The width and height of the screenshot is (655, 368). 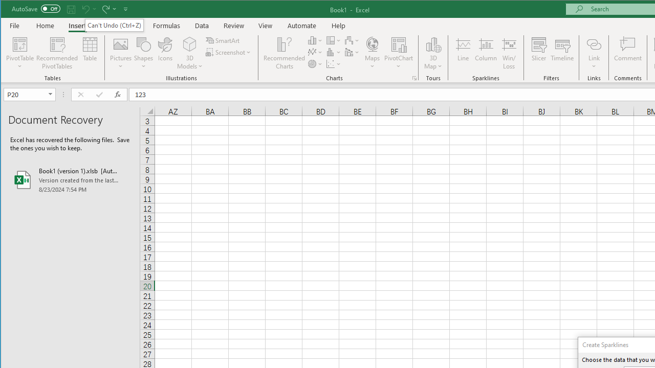 I want to click on 'Insert Waterfall, Funnel, Stock, Surface, or Radar Chart', so click(x=352, y=40).